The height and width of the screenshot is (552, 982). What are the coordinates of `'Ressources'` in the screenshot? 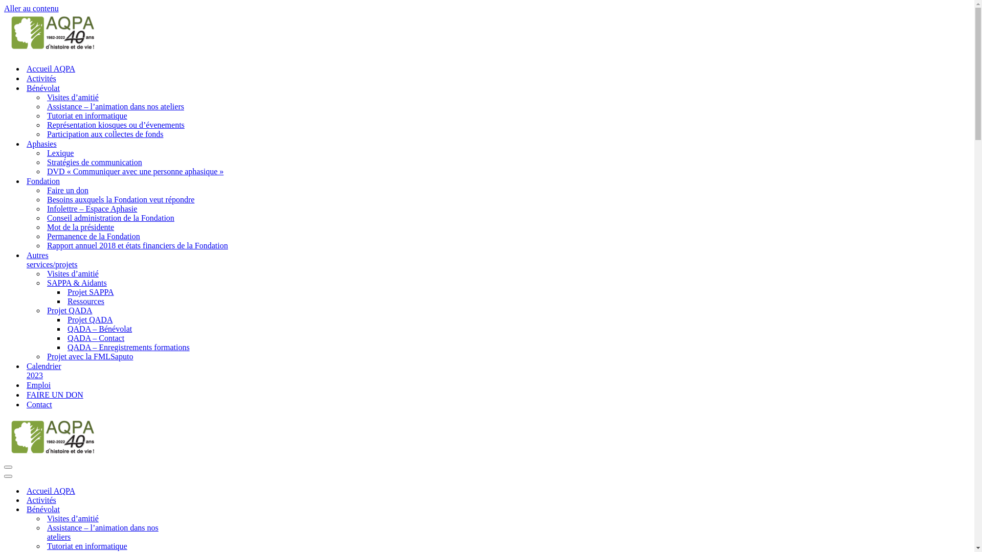 It's located at (86, 301).